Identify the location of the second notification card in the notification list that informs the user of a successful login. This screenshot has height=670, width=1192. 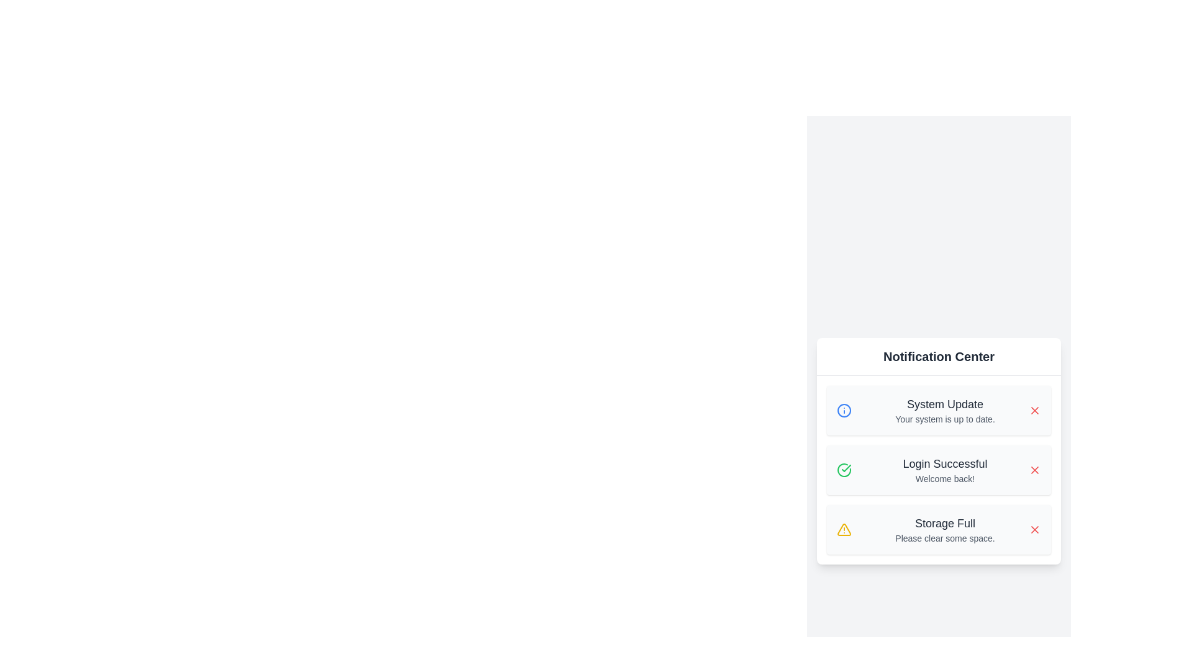
(939, 470).